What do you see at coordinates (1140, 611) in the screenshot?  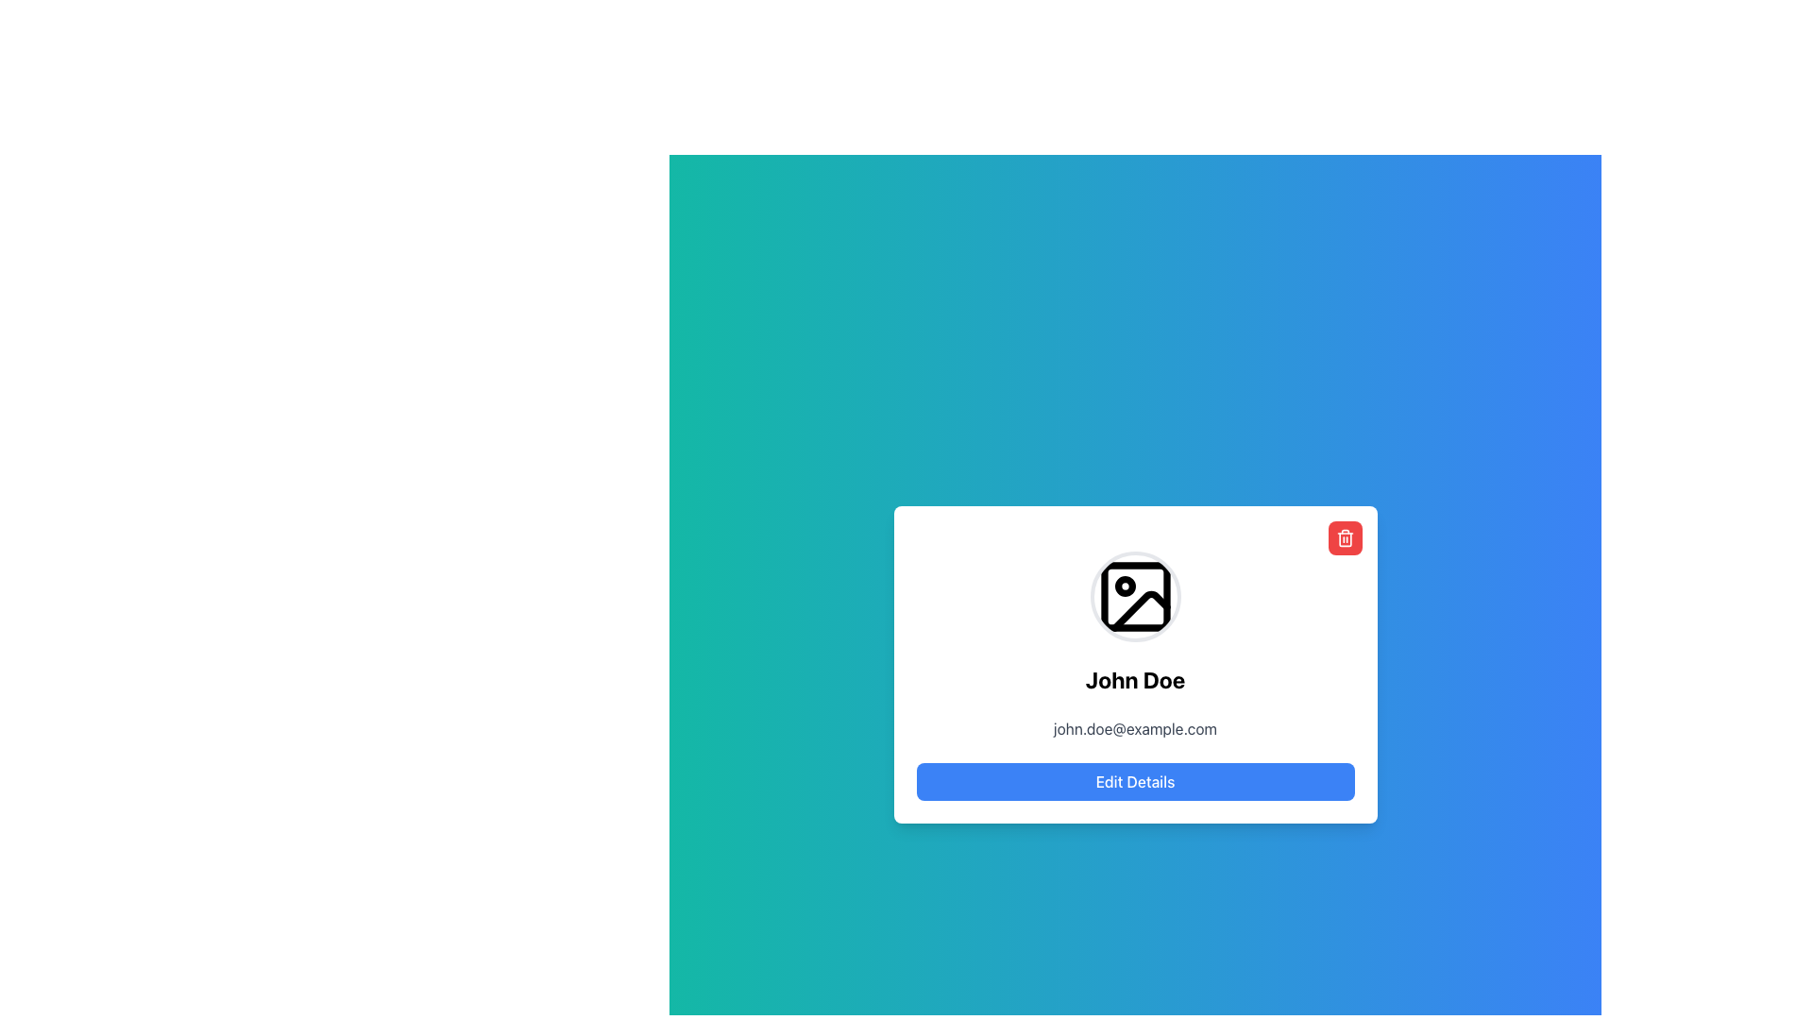 I see `the decorative graphic detail located in the bottom half of the square icon in the profile image area of the user information card` at bounding box center [1140, 611].